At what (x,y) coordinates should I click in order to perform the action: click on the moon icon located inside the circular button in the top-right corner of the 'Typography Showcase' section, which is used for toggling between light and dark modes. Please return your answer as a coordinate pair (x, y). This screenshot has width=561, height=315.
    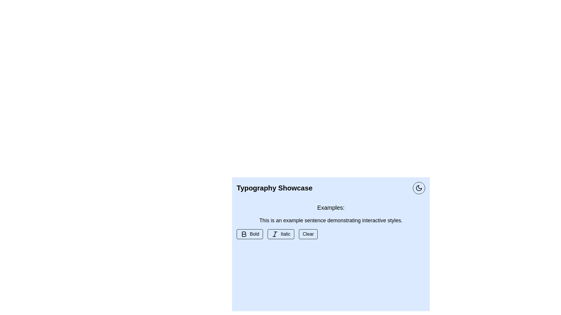
    Looking at the image, I should click on (419, 188).